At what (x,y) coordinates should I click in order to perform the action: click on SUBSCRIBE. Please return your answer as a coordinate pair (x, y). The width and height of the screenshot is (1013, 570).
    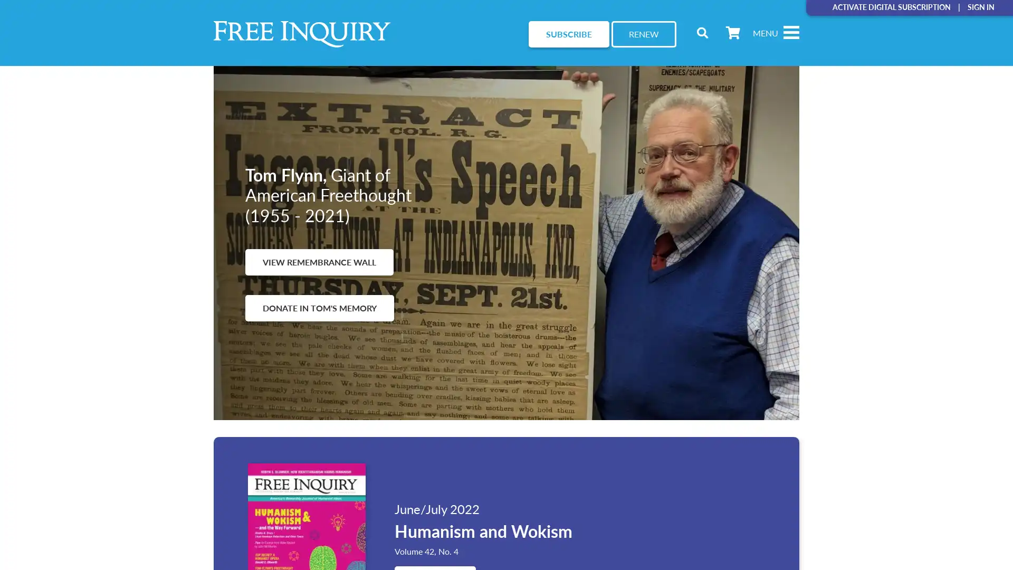
    Looking at the image, I should click on (568, 34).